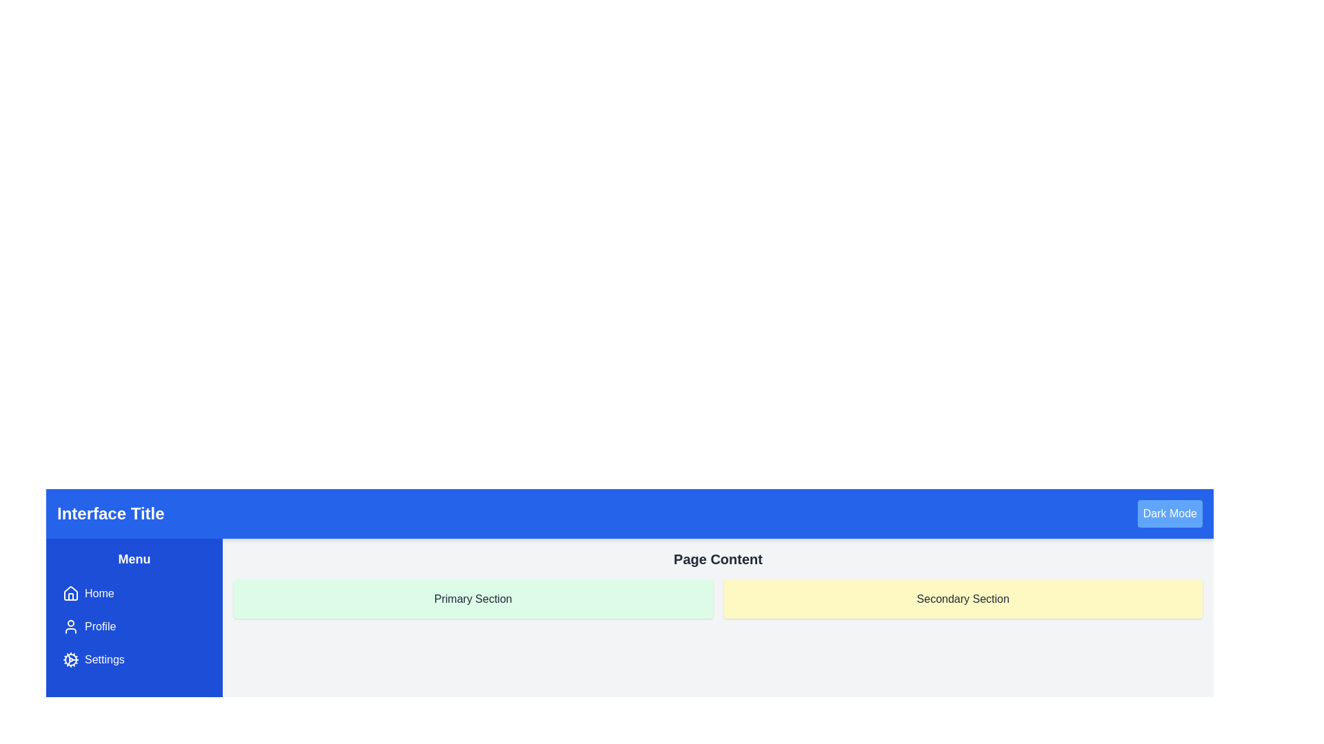 Image resolution: width=1324 pixels, height=744 pixels. Describe the element at coordinates (99, 592) in the screenshot. I see `the 'Home' label in the left-side navigation menu to trigger the tooltip` at that location.